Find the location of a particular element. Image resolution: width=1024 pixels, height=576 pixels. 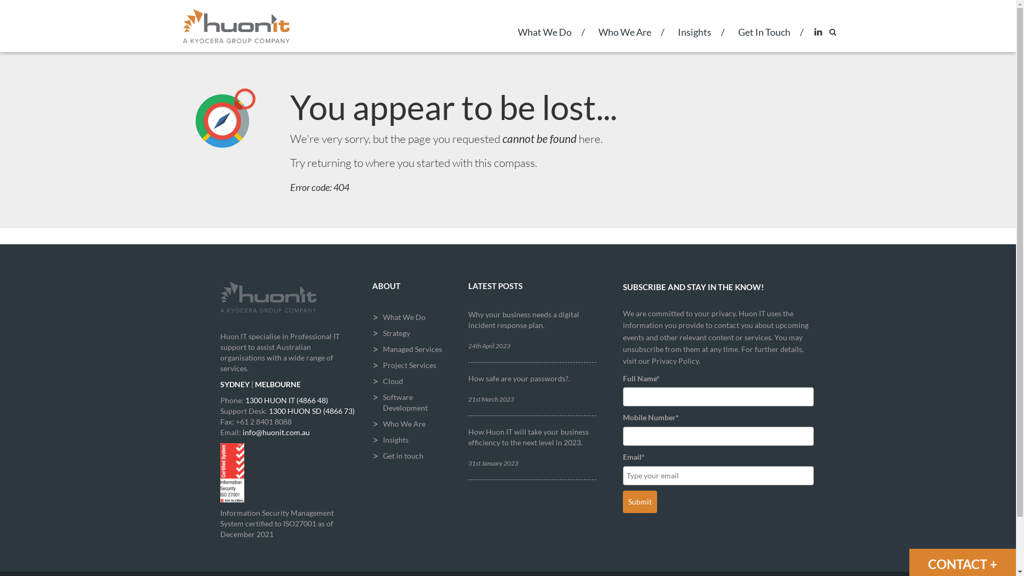

'Managed Services' is located at coordinates (411, 349).